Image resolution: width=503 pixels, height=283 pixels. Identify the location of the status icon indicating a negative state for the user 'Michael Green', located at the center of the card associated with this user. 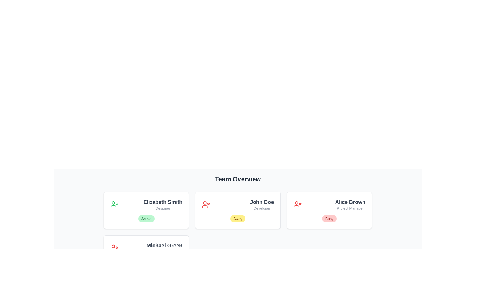
(113, 250).